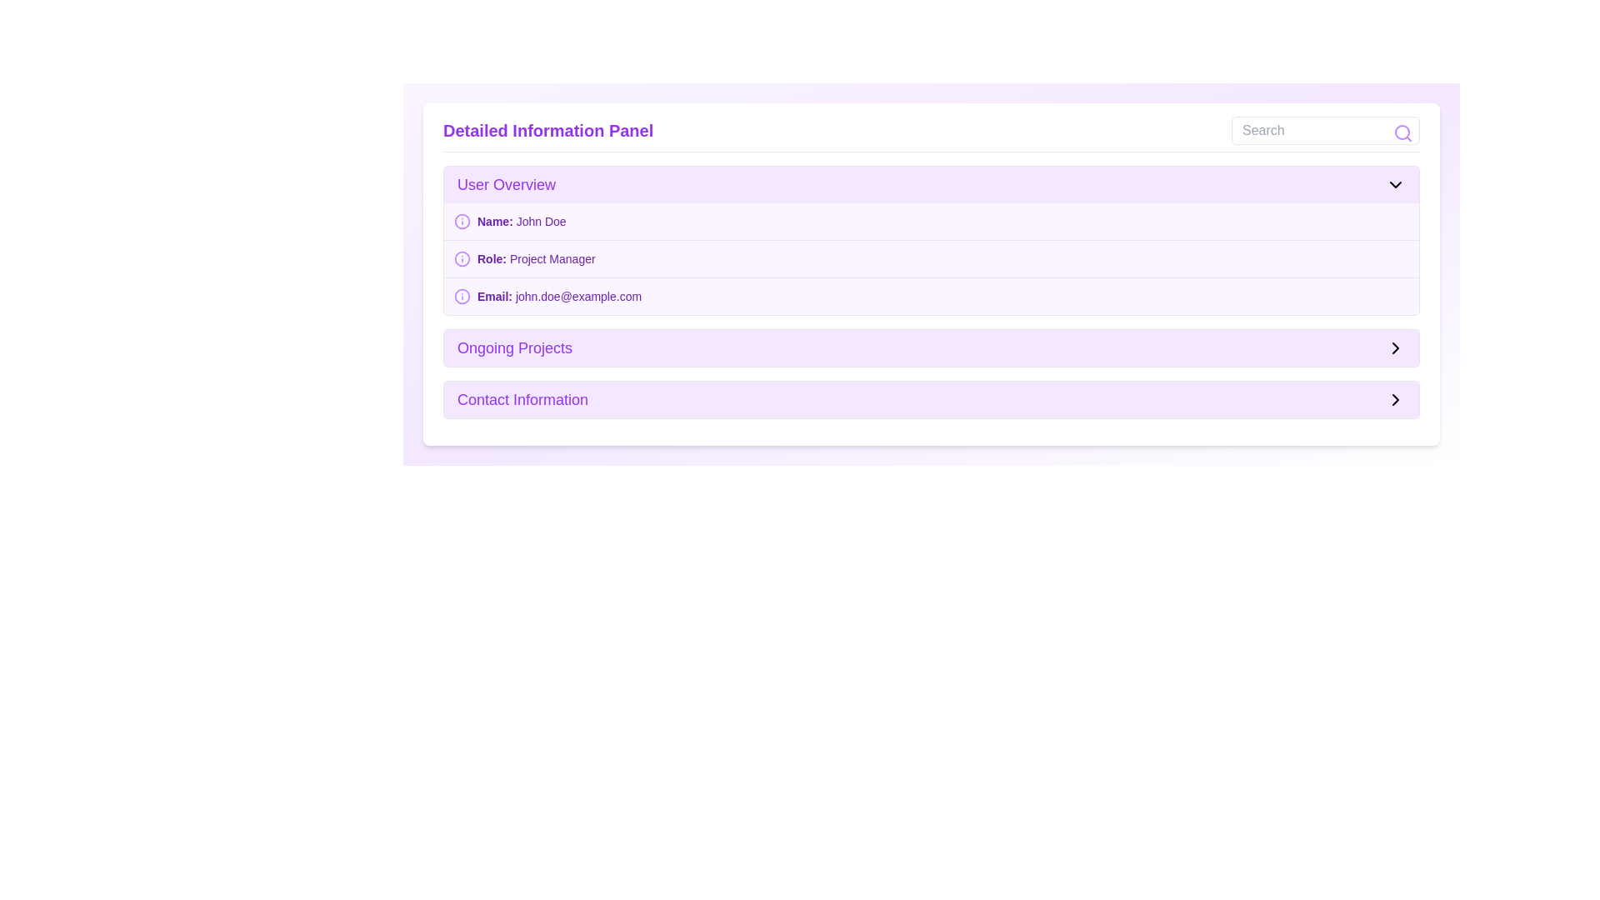  I want to click on the 'Ongoing Projects' text label, which is styled in a large bold purple font and is located in the Detailed Information Panel section of the card layout, so click(514, 347).